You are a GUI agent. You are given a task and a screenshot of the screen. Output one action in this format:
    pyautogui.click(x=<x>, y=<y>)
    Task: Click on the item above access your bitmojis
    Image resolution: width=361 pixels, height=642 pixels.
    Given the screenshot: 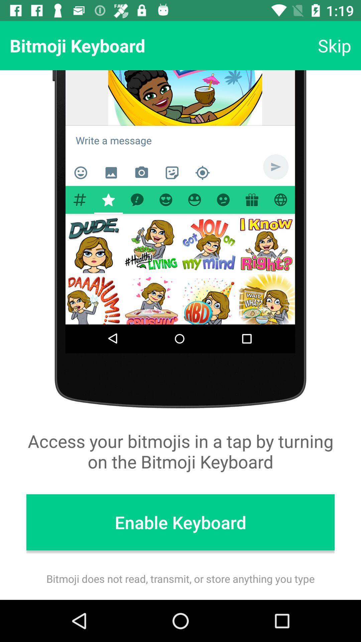 What is the action you would take?
    pyautogui.click(x=334, y=45)
    